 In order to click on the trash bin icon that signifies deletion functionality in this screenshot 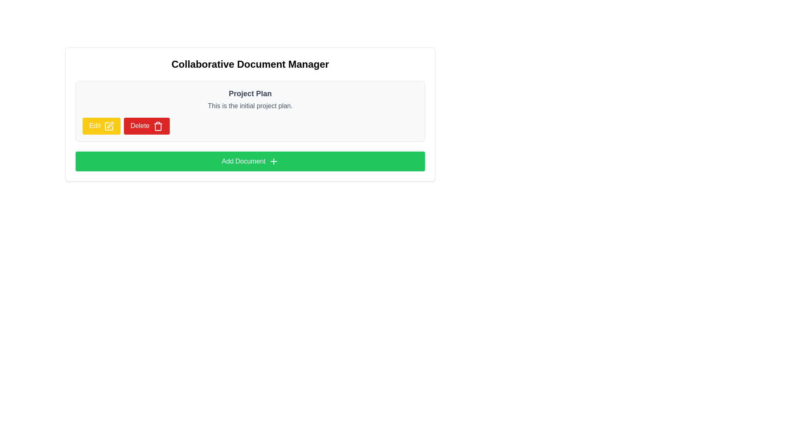, I will do `click(158, 126)`.